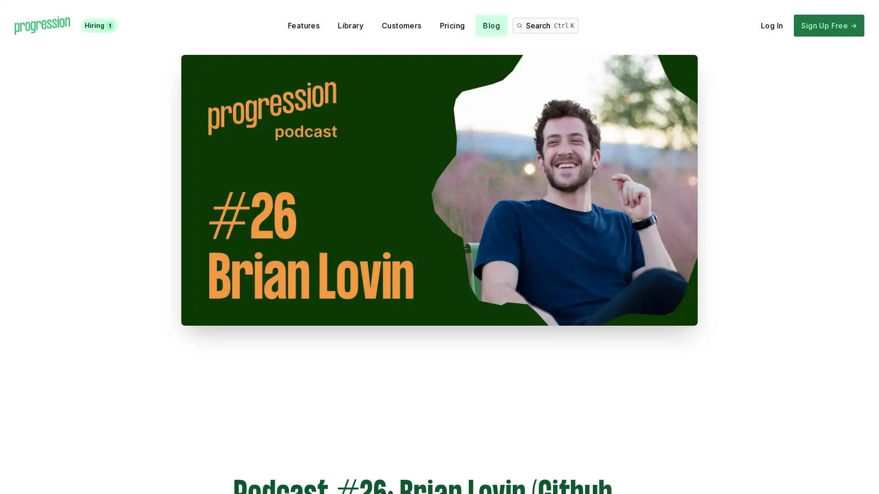 The width and height of the screenshot is (879, 494). What do you see at coordinates (856, 471) in the screenshot?
I see `Open Intercom Messenger` at bounding box center [856, 471].